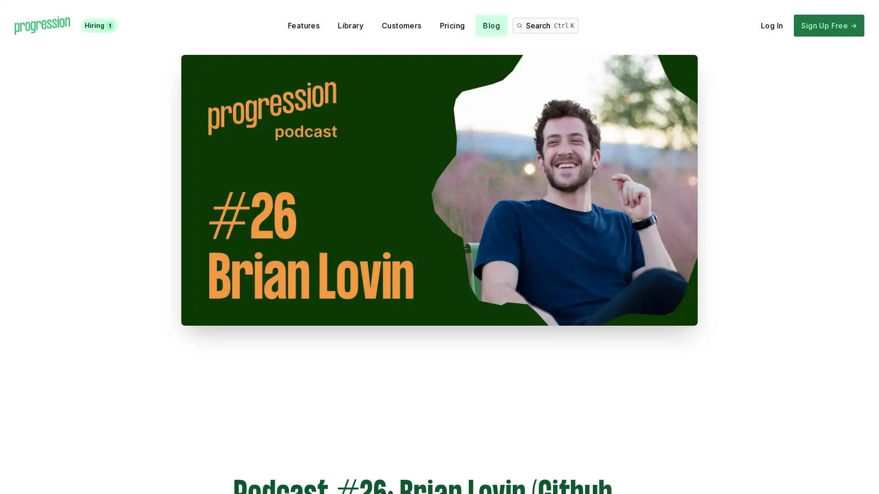 The width and height of the screenshot is (879, 494). What do you see at coordinates (856, 471) in the screenshot?
I see `Open Intercom Messenger` at bounding box center [856, 471].